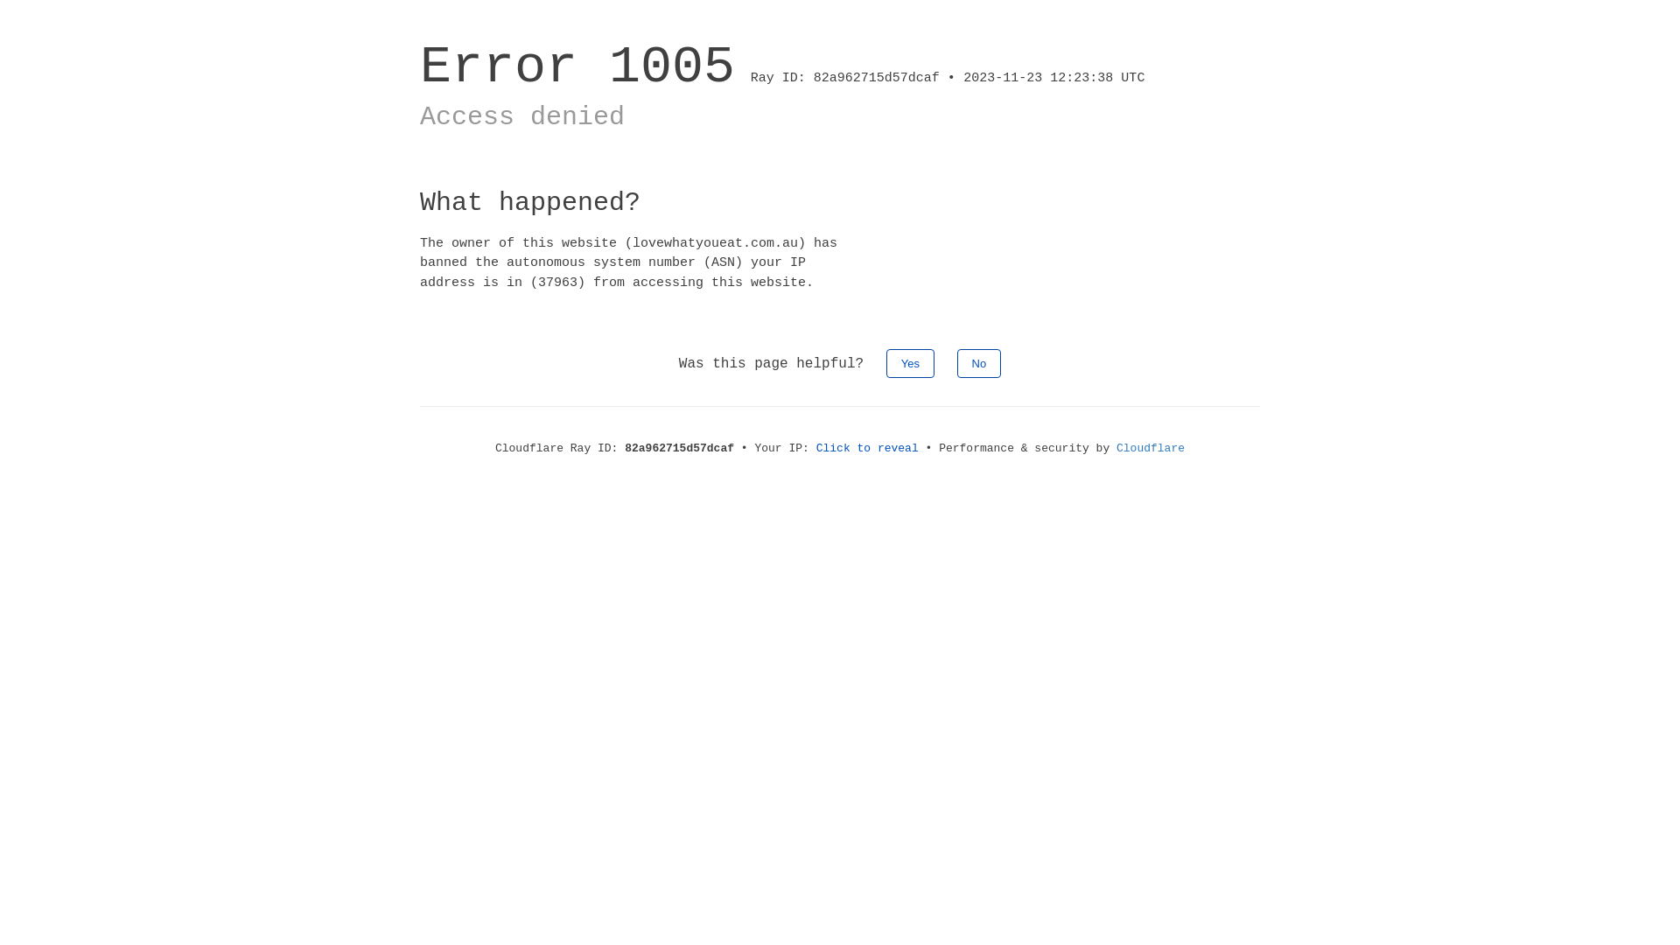 The image size is (1680, 945). Describe the element at coordinates (815, 447) in the screenshot. I see `'Click to reveal'` at that location.